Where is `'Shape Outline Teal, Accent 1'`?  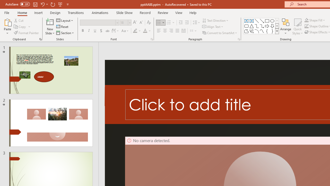
'Shape Outline Teal, Accent 1' is located at coordinates (307, 26).